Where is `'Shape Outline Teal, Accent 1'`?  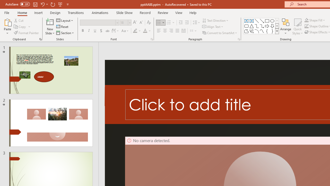
'Shape Outline Teal, Accent 1' is located at coordinates (307, 26).